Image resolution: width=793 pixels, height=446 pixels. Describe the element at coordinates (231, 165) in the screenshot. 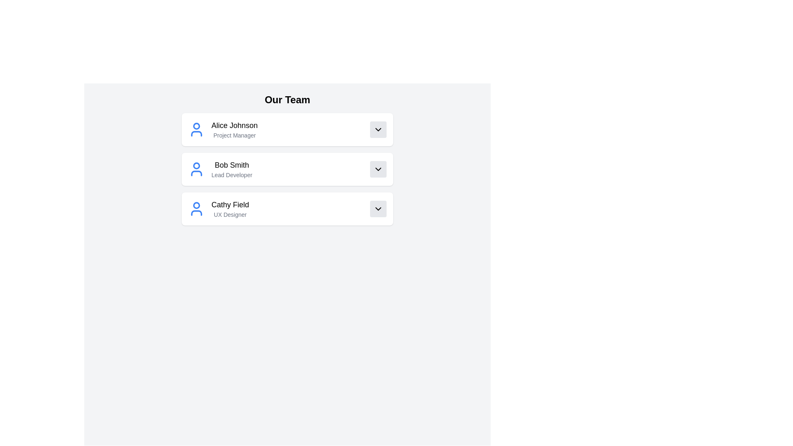

I see `the static text label displaying 'Bob Smith,' which is styled prominently in a larger font size and is the first line in the user information list` at that location.